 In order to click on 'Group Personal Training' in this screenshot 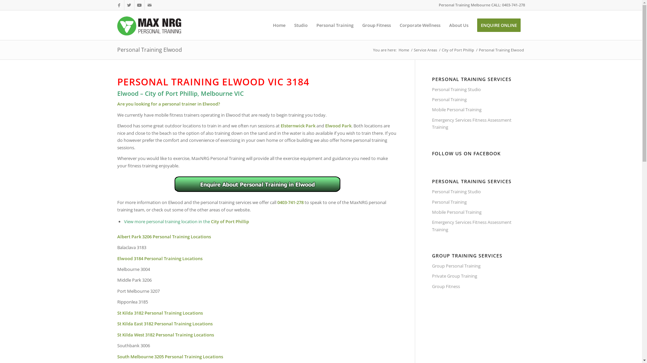, I will do `click(478, 266)`.